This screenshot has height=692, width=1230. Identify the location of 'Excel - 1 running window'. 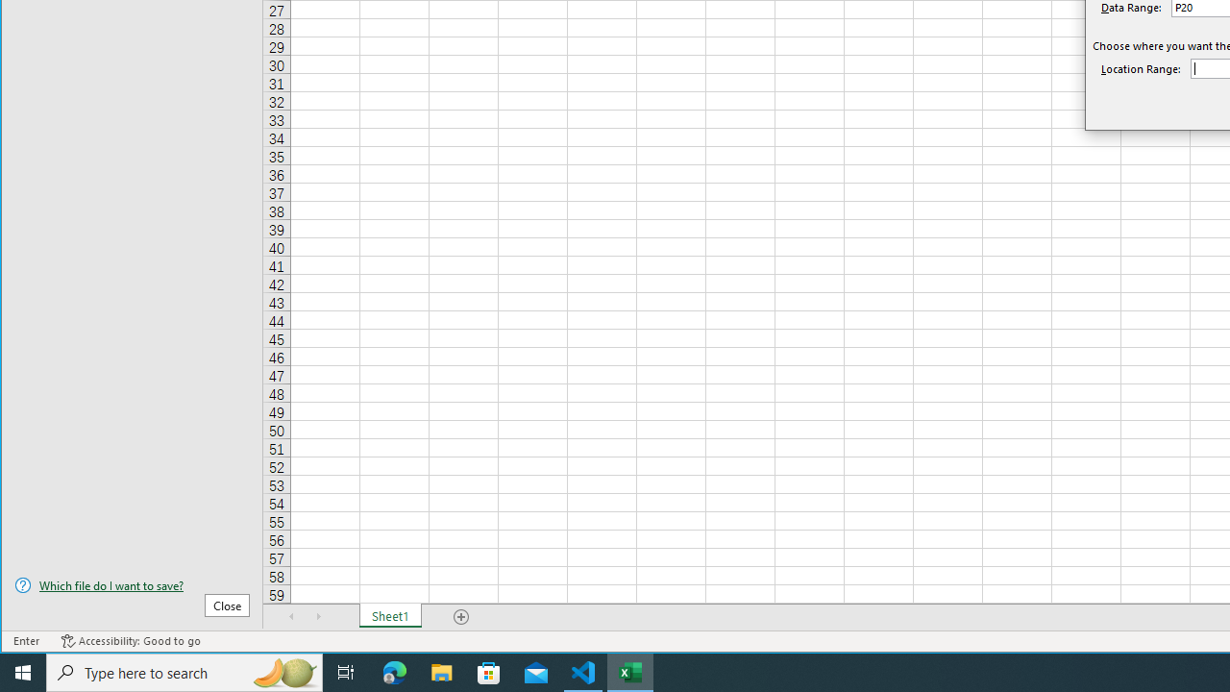
(630, 671).